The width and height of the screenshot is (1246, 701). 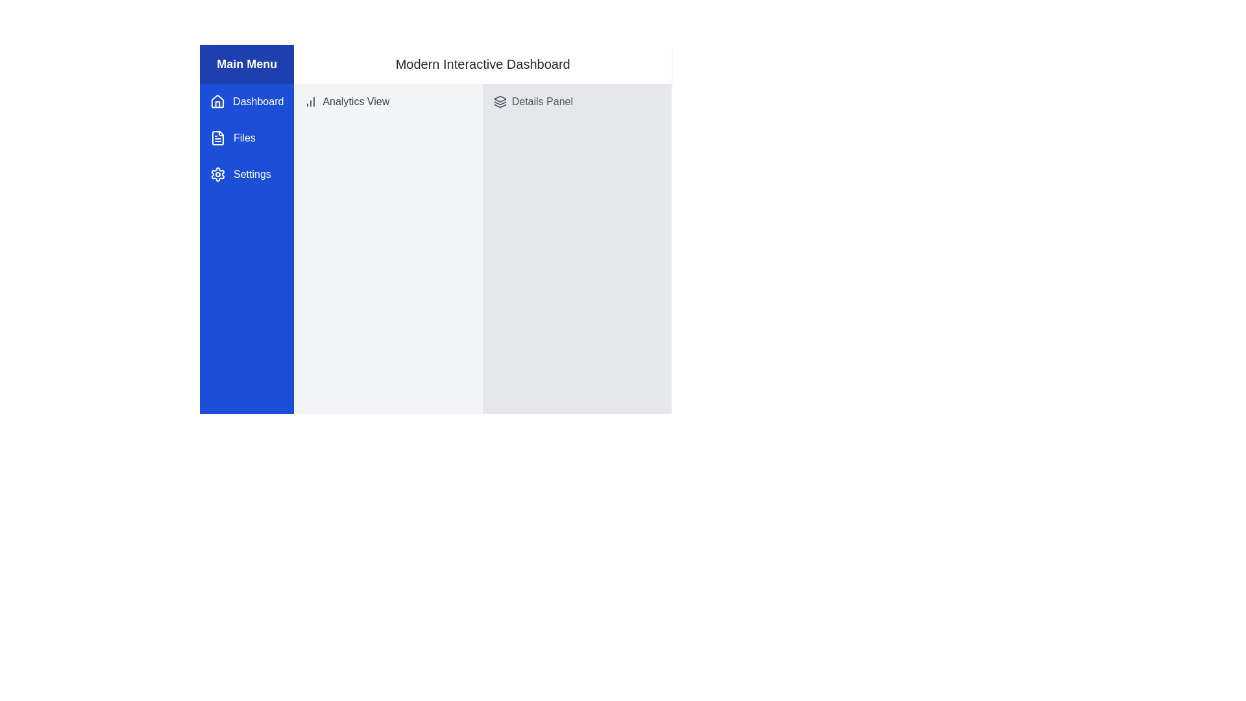 I want to click on the title label at the top center of the main interface, which indicates the primary function of the application, so click(x=482, y=64).